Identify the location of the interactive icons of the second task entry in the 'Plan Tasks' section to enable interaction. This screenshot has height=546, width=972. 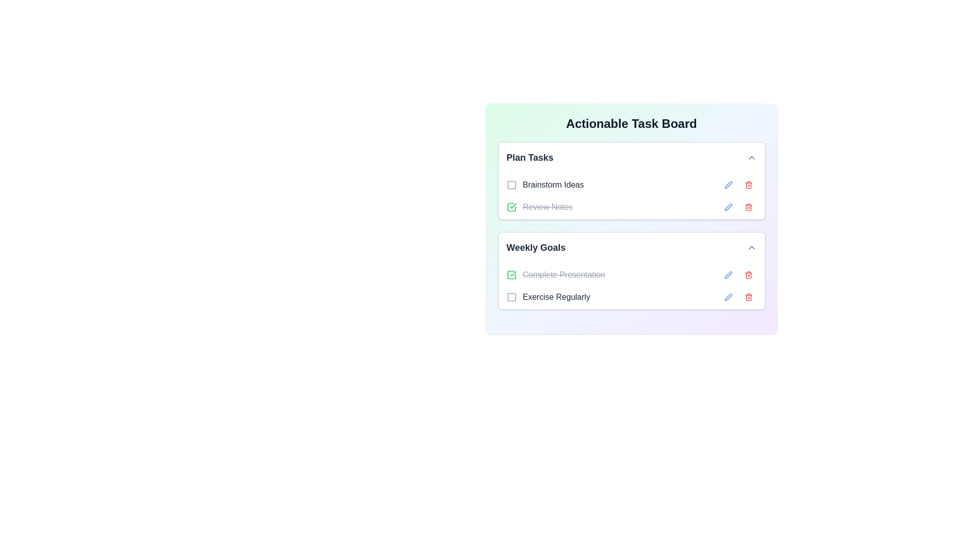
(631, 206).